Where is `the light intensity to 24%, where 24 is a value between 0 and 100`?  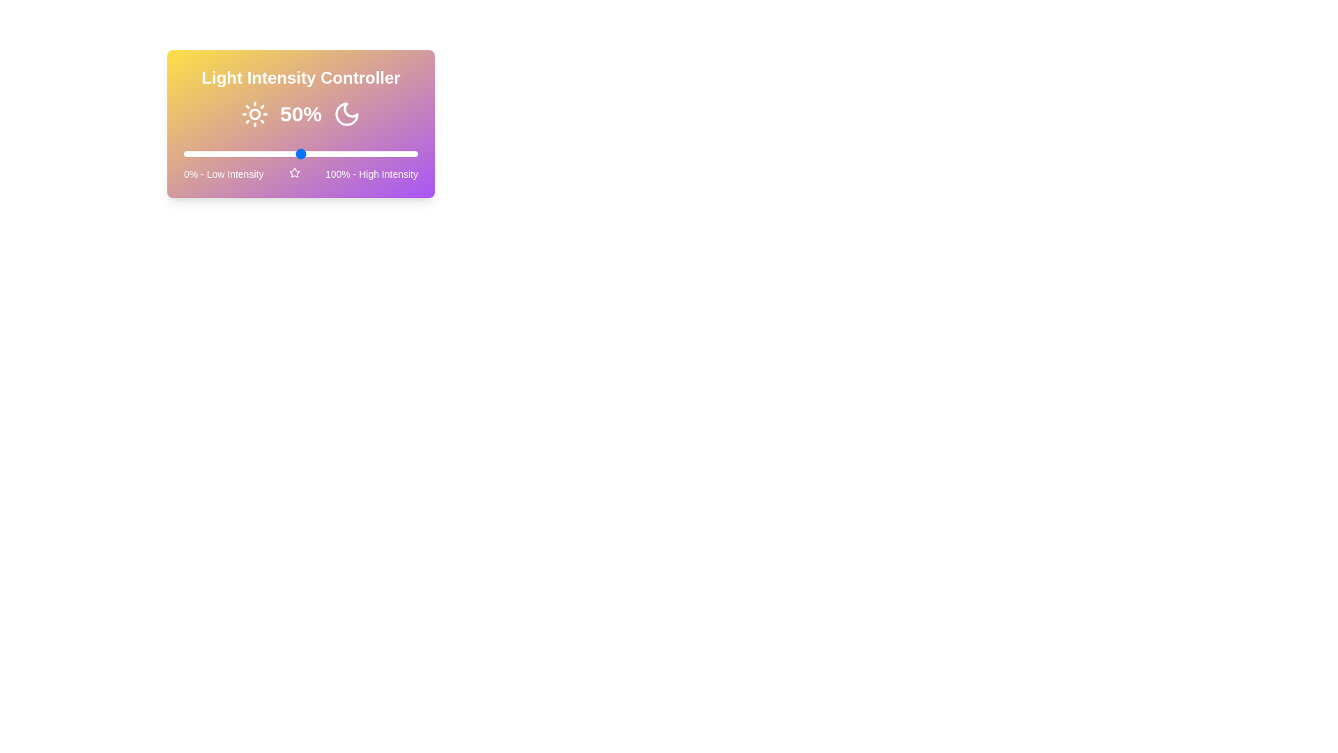
the light intensity to 24%, where 24 is a value between 0 and 100 is located at coordinates (240, 153).